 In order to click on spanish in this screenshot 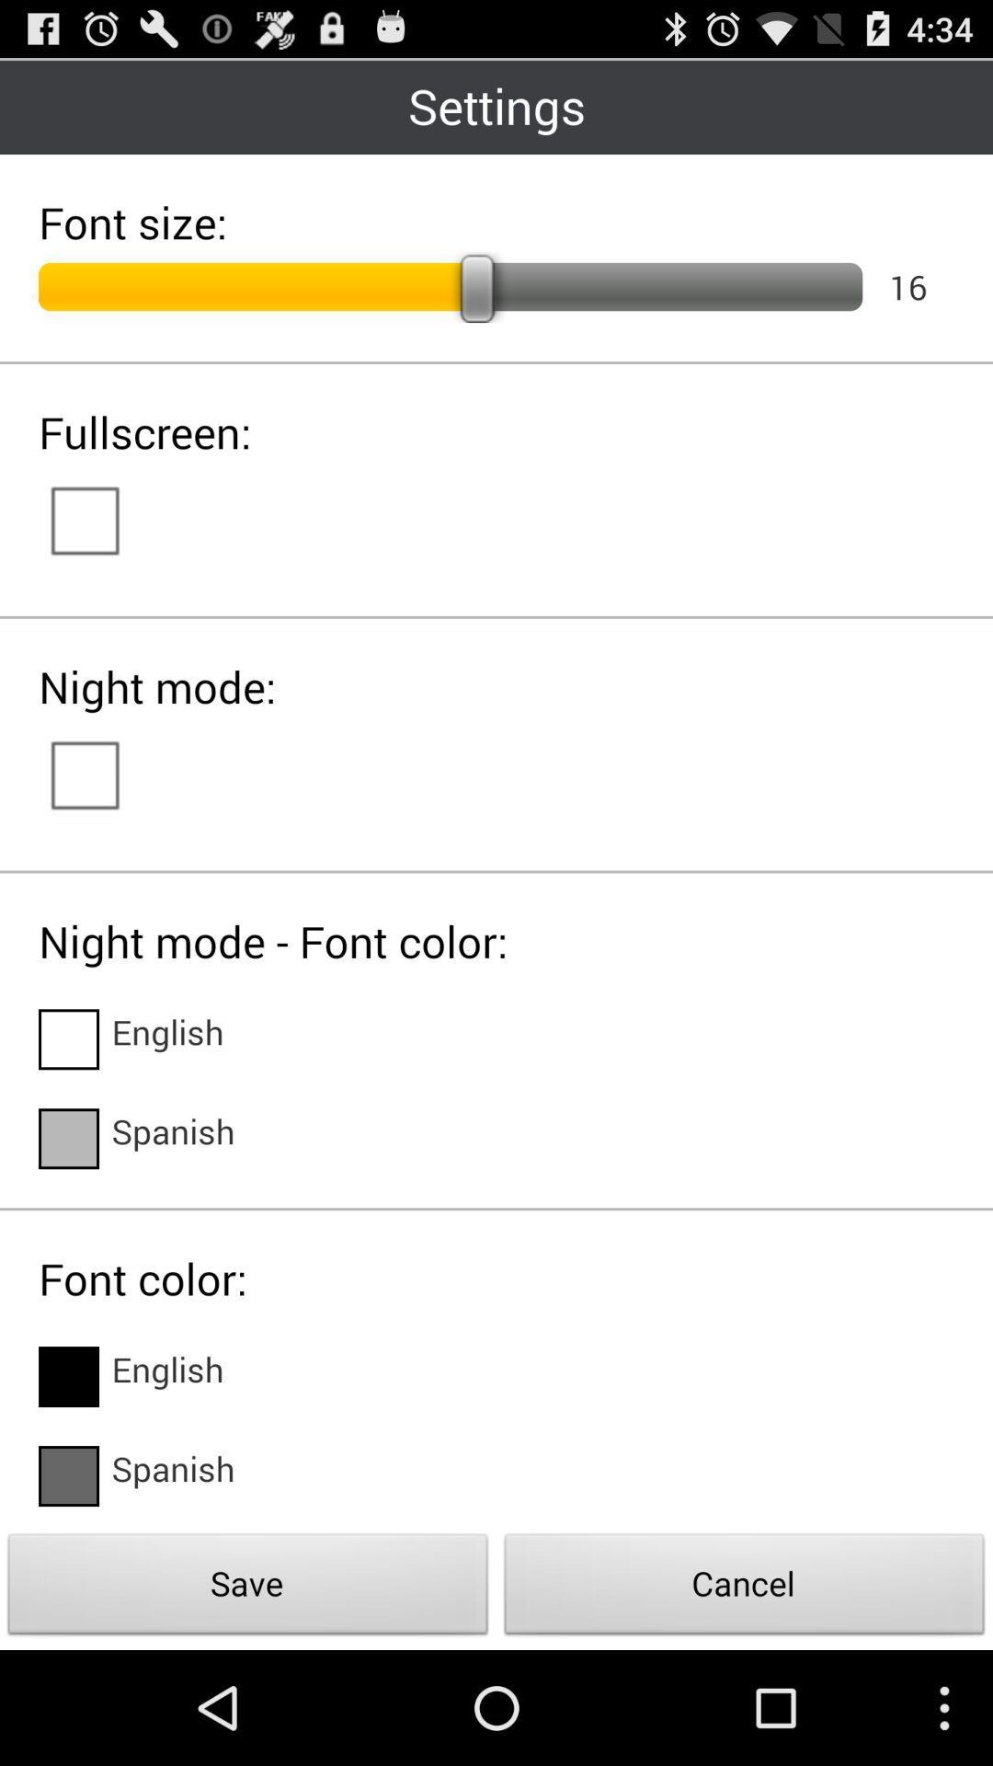, I will do `click(174, 1475)`.